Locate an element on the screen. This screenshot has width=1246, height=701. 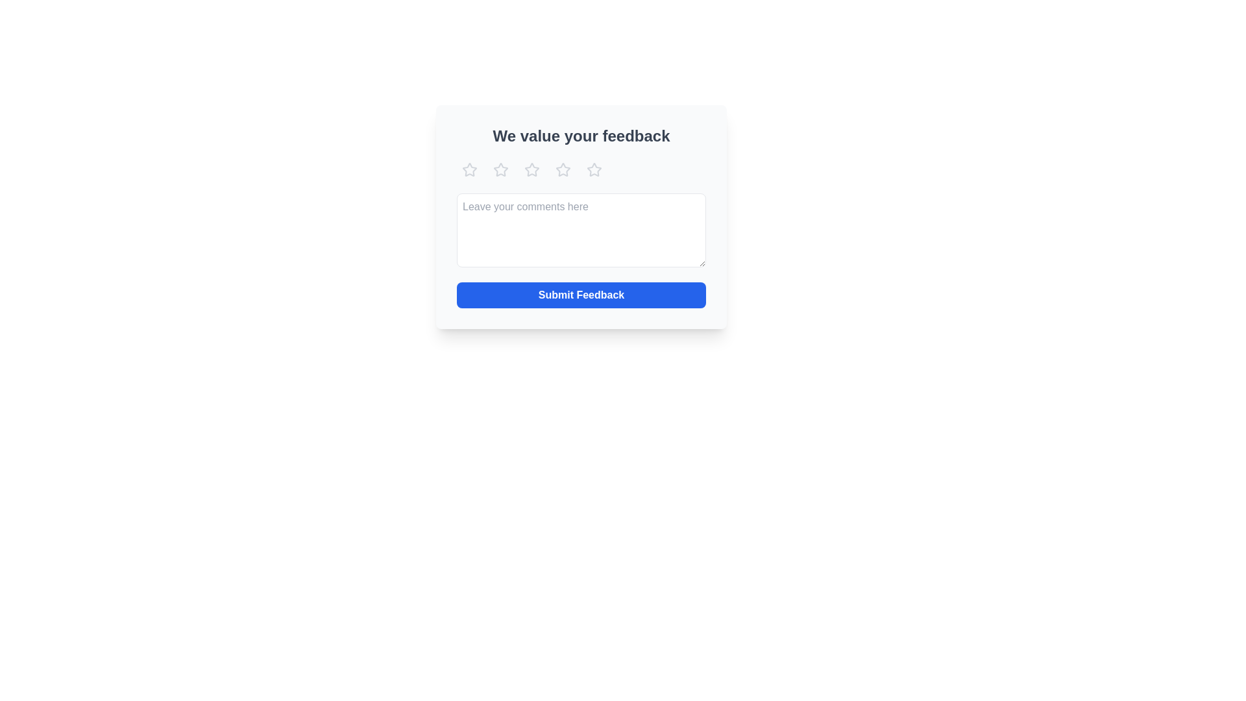
the second star-shaped rating icon, which is unfilled and styled with a thin outline, located below the heading 'We value your feedback' and above the comments input box is located at coordinates (532, 169).